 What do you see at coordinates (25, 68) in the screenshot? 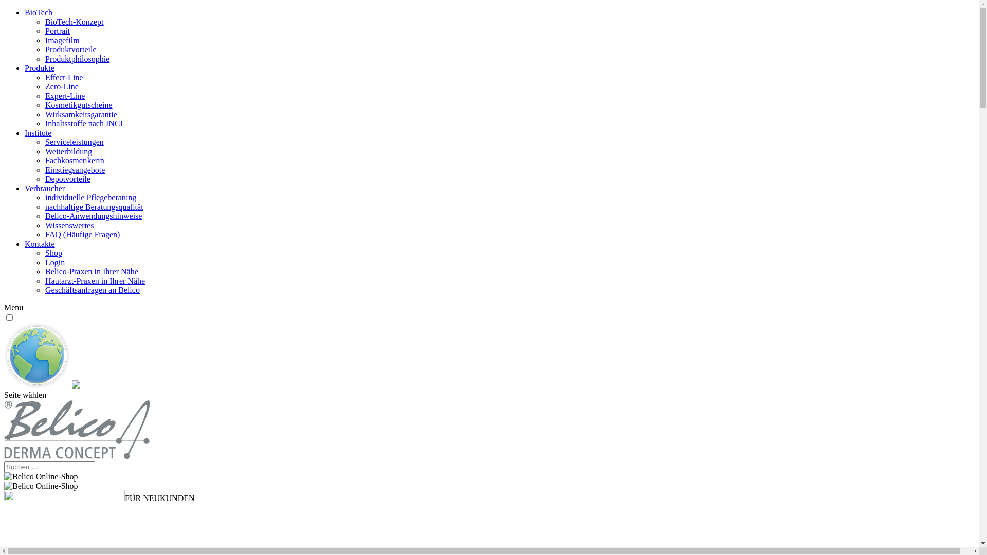
I see `'Produkte'` at bounding box center [25, 68].